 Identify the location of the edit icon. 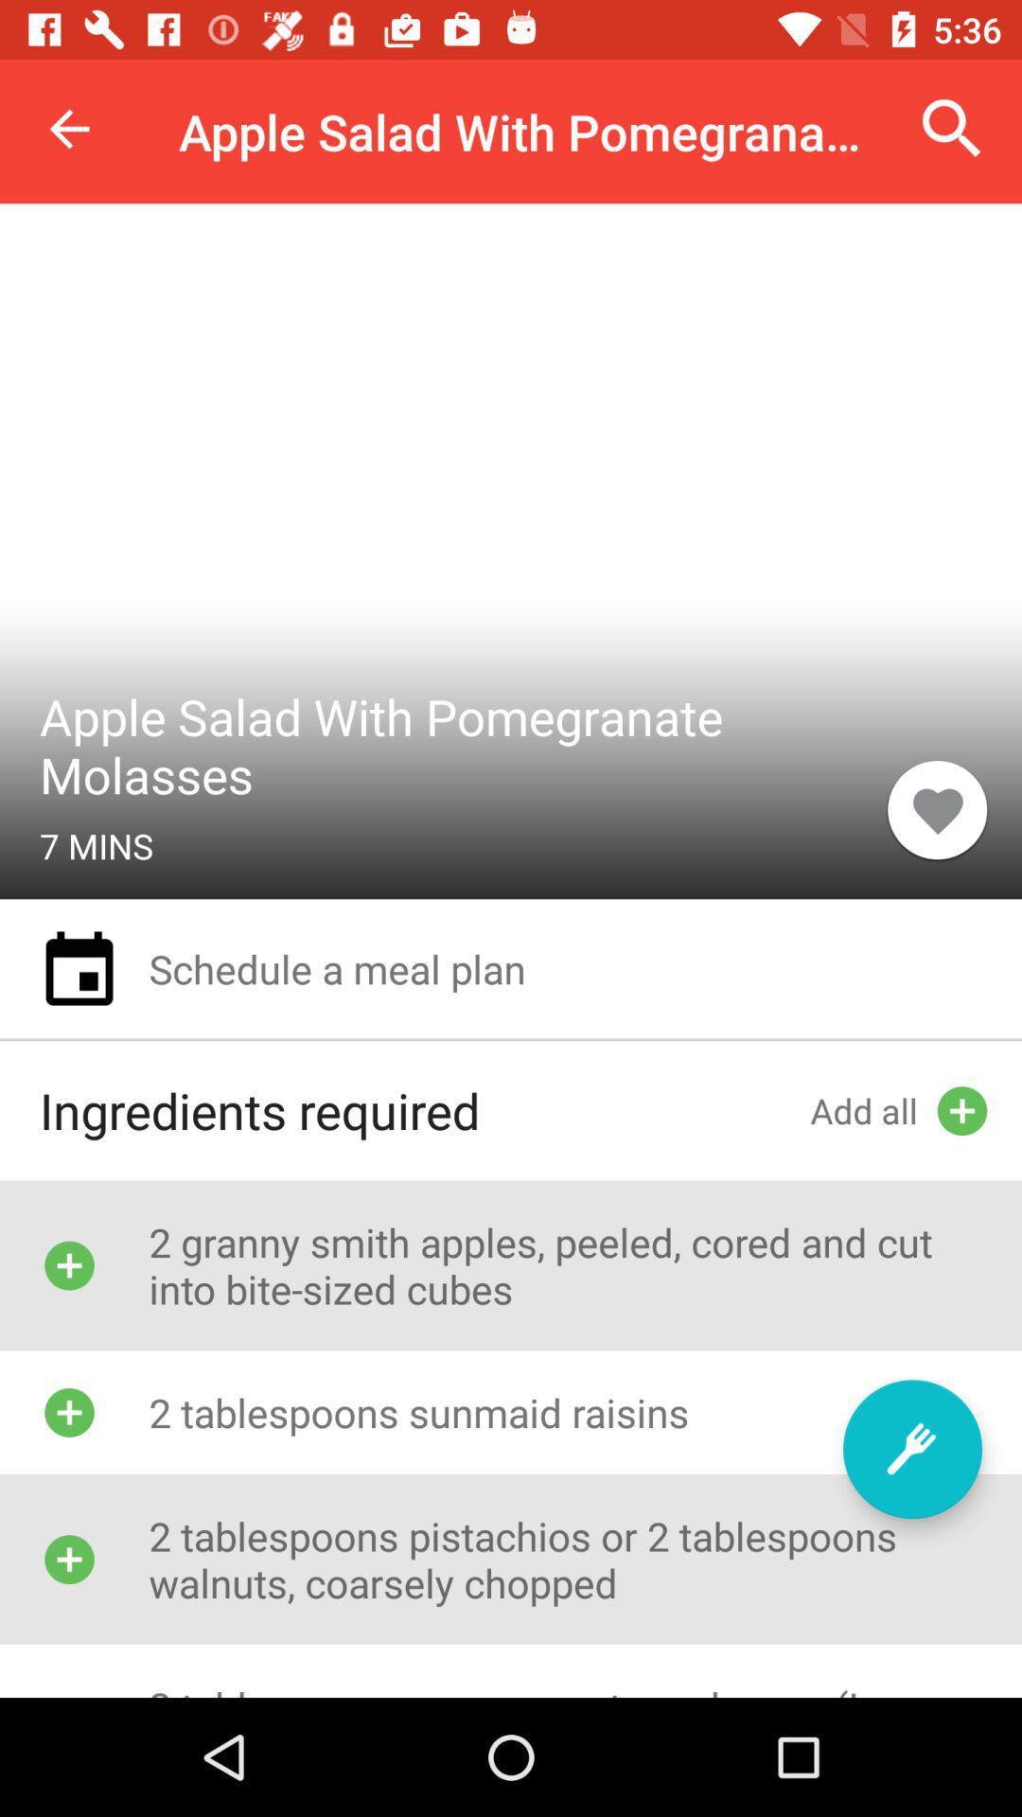
(911, 1448).